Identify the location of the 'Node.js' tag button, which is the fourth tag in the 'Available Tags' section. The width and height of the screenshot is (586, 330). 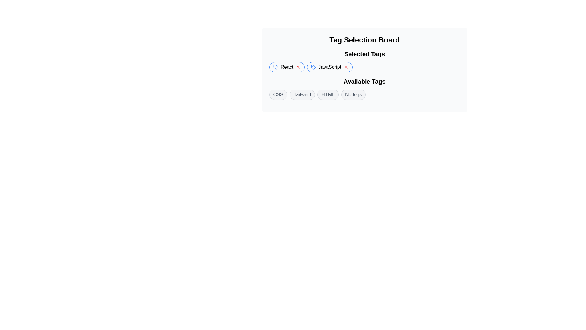
(353, 94).